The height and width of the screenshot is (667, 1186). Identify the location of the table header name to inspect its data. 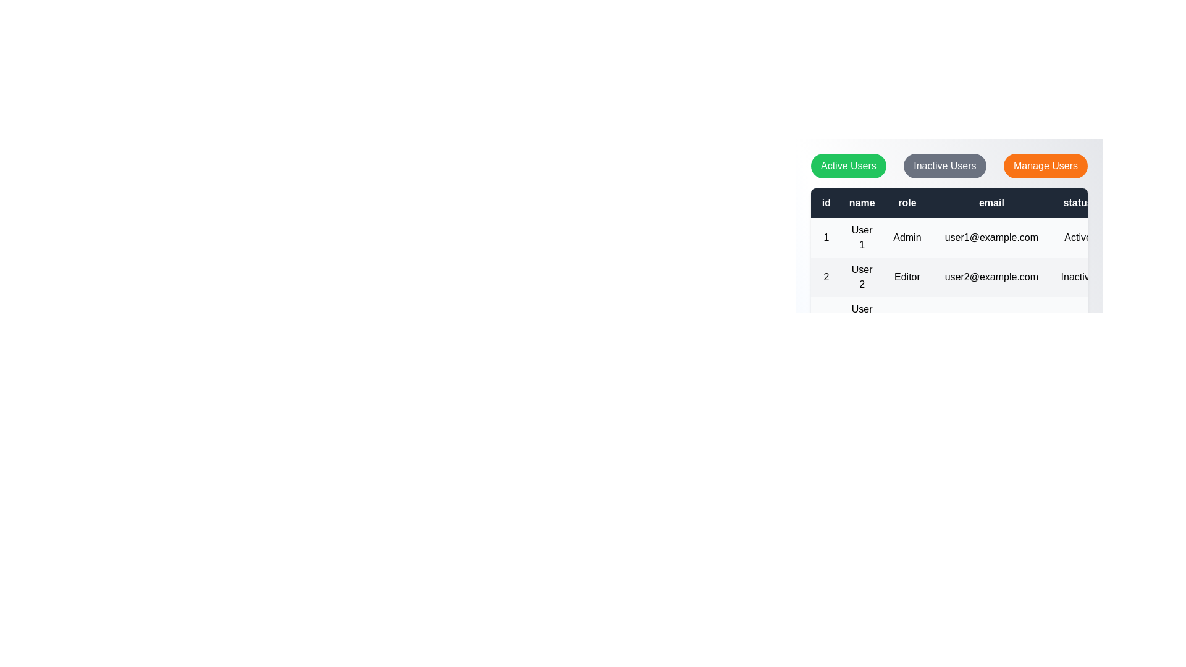
(861, 202).